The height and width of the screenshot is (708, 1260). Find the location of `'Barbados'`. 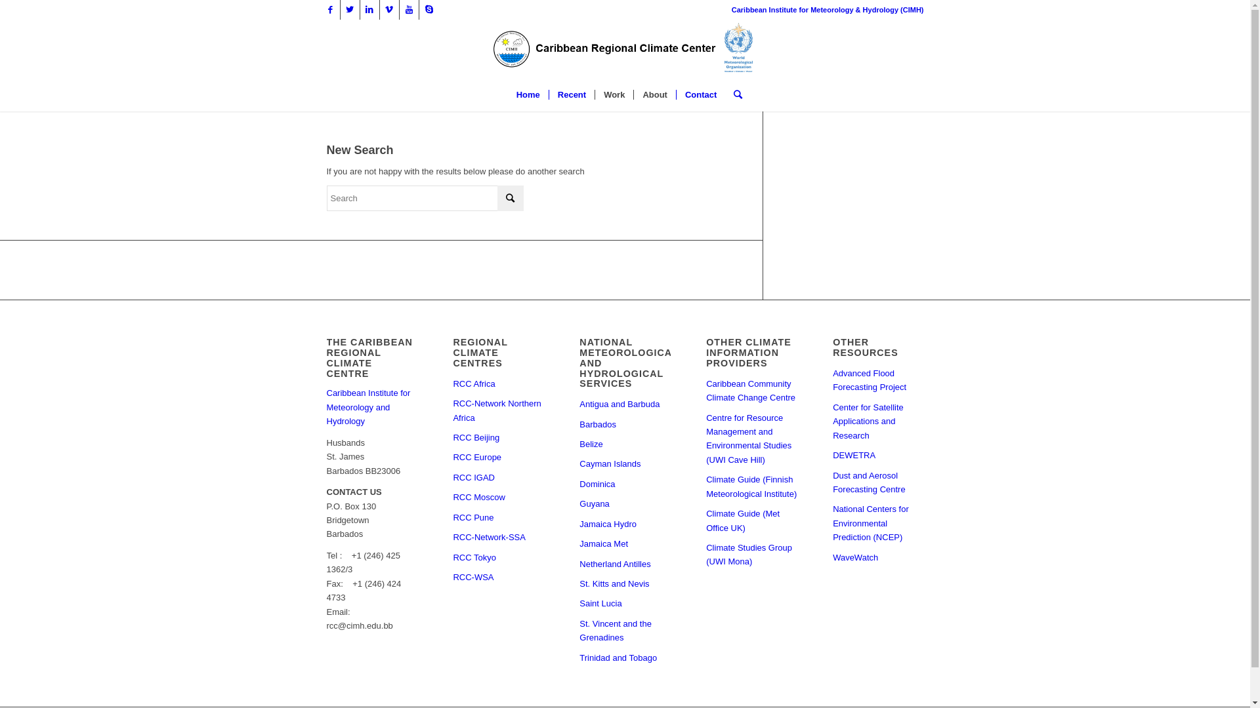

'Barbados' is located at coordinates (623, 424).